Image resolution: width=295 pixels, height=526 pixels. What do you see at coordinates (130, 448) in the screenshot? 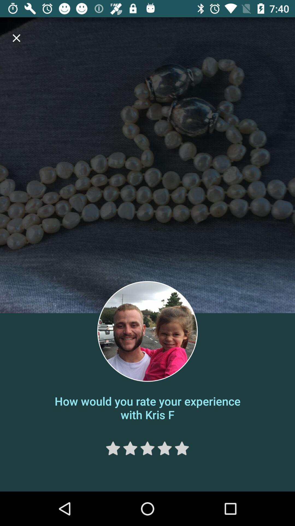
I see `choose star rating` at bounding box center [130, 448].